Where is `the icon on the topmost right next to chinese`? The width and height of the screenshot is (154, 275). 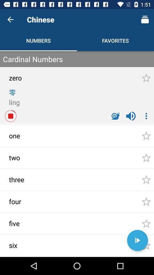 the icon on the topmost right next to chinese is located at coordinates (145, 19).